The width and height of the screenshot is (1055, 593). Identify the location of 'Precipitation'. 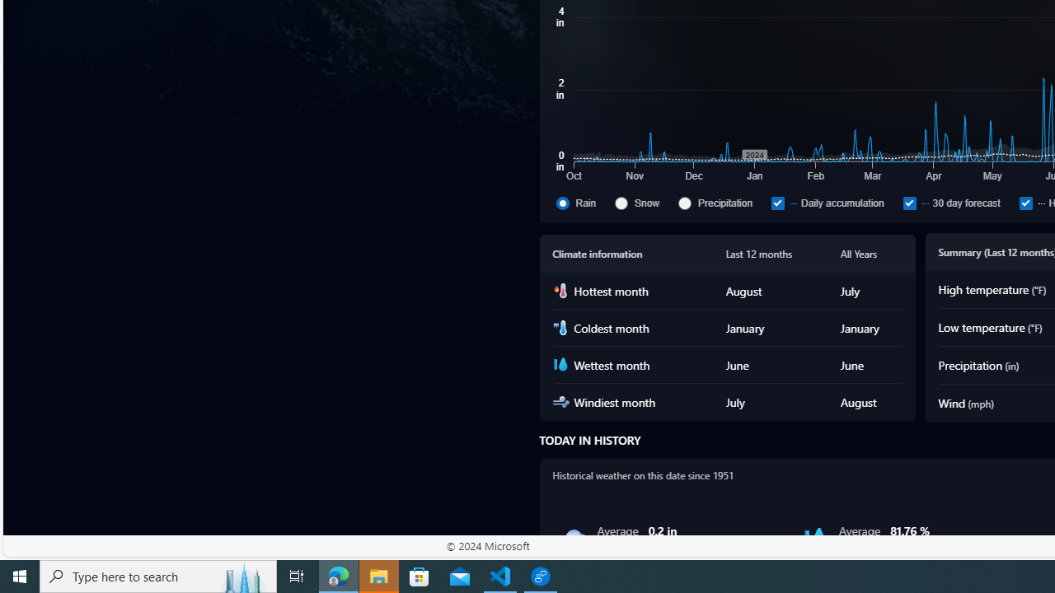
(721, 202).